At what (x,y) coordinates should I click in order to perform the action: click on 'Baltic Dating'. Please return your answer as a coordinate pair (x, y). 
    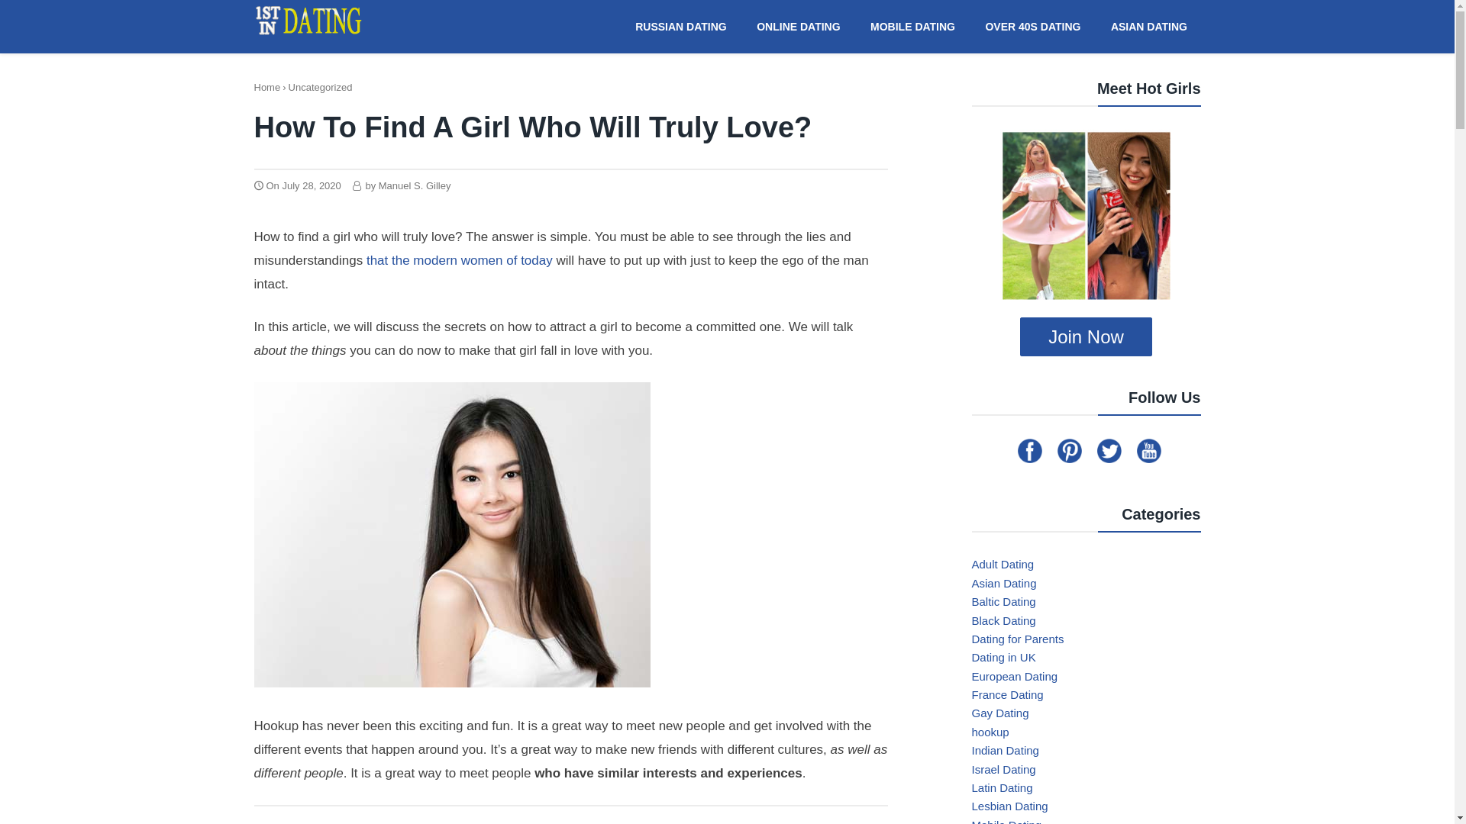
    Looking at the image, I should click on (1003, 600).